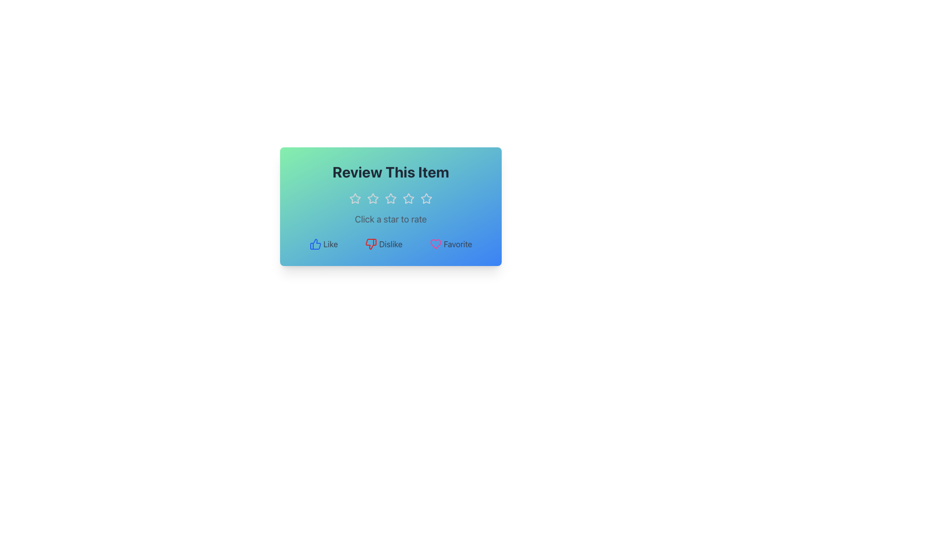 The height and width of the screenshot is (534, 950). What do you see at coordinates (371, 244) in the screenshot?
I see `the thumbs-down icon that represents the 'Dislike' action, located below the heading and rating stars` at bounding box center [371, 244].